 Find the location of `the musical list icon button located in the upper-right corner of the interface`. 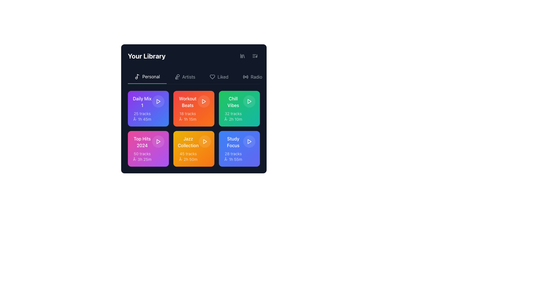

the musical list icon button located in the upper-right corner of the interface is located at coordinates (254, 56).